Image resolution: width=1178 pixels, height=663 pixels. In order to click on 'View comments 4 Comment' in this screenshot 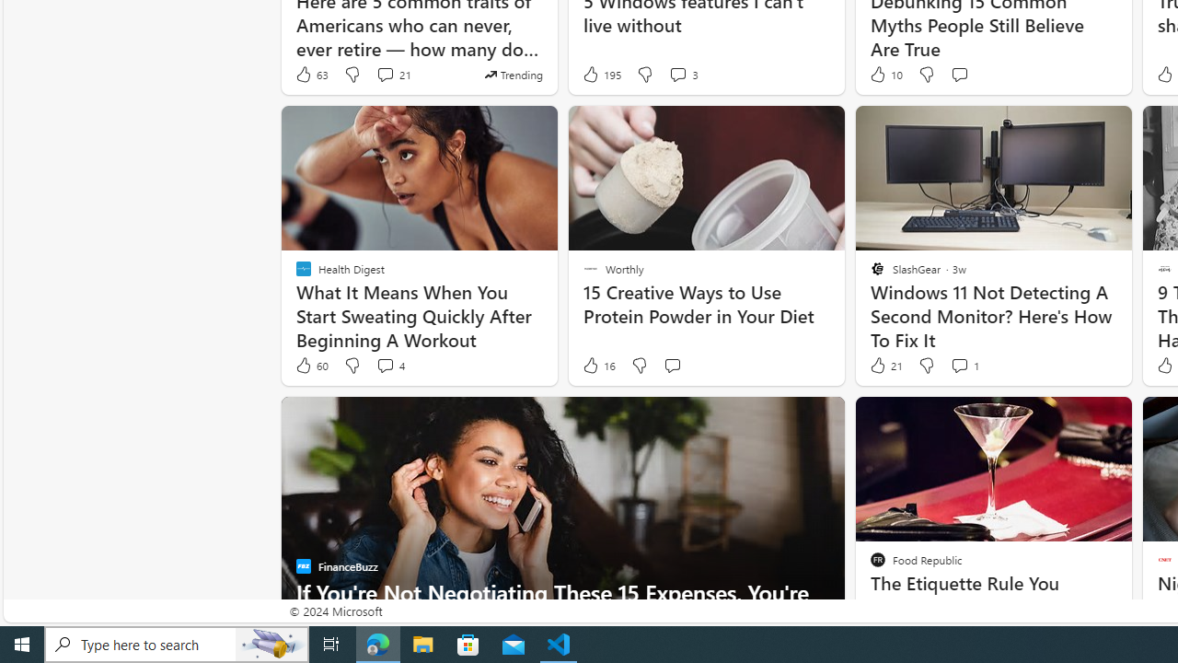, I will do `click(388, 366)`.